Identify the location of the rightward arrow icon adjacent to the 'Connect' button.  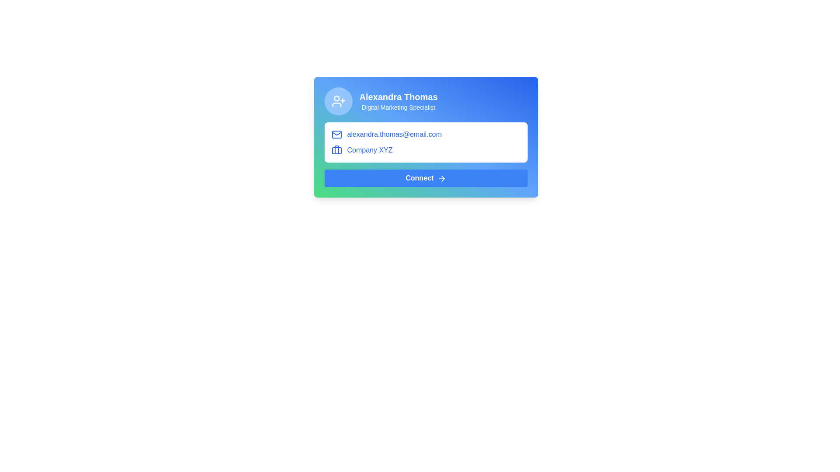
(441, 178).